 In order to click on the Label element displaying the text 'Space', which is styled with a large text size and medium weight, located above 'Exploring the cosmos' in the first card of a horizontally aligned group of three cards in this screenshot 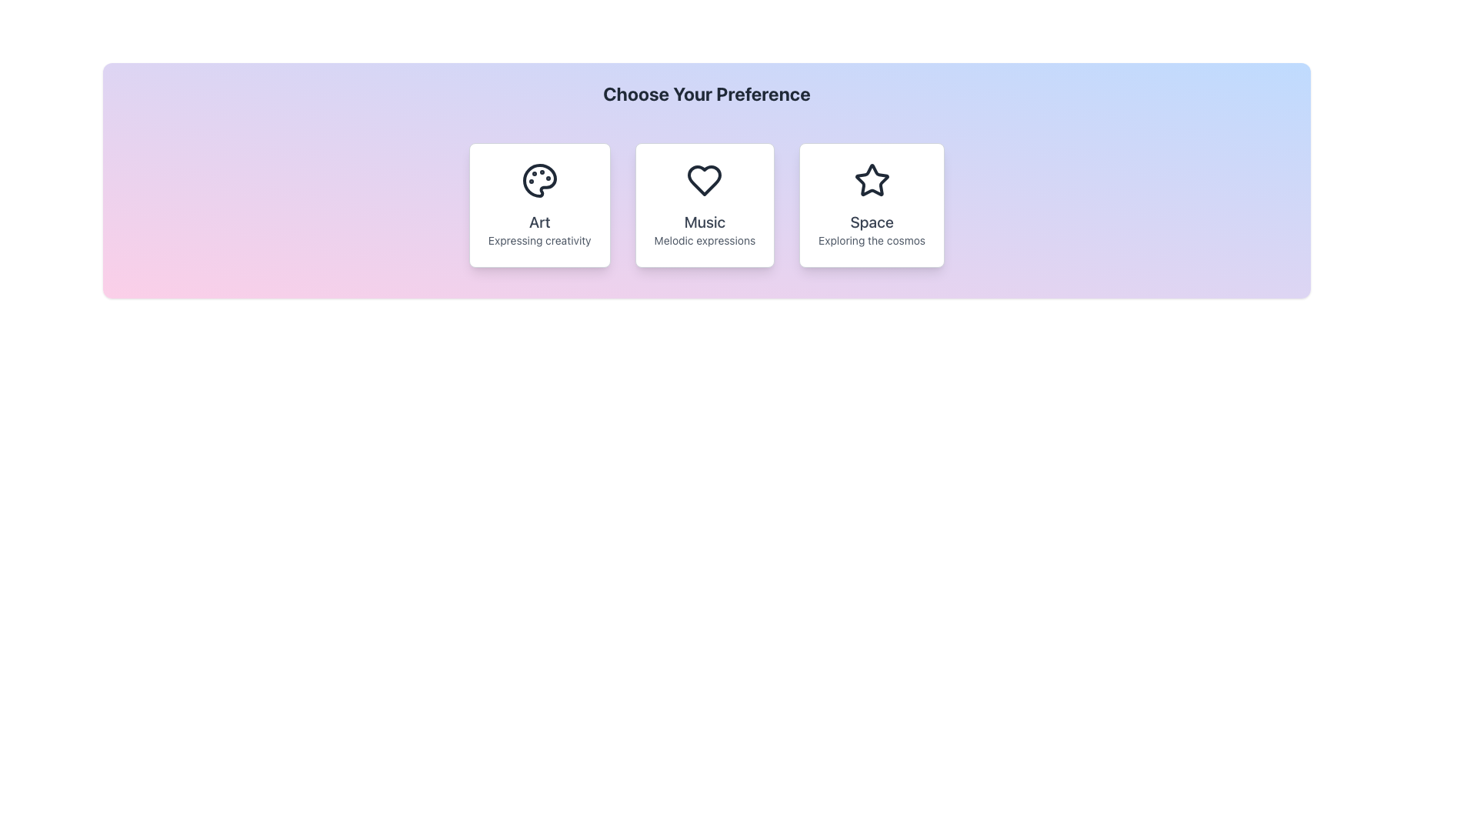, I will do `click(872, 222)`.